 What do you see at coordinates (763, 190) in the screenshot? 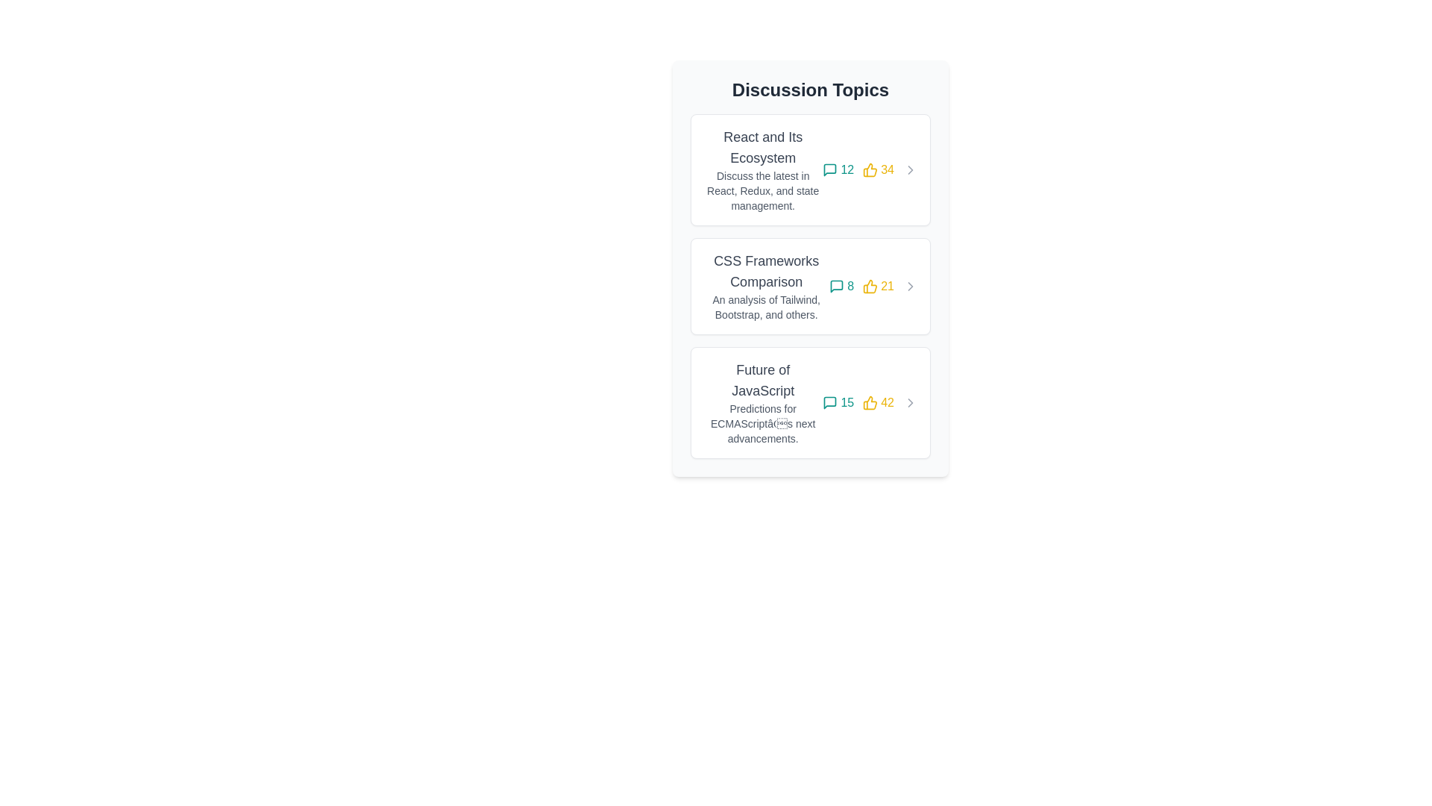
I see `text label displaying 'Discuss the latest in React, Redux, and state management.' which is located below the title 'React and Its Ecosystem.'` at bounding box center [763, 190].